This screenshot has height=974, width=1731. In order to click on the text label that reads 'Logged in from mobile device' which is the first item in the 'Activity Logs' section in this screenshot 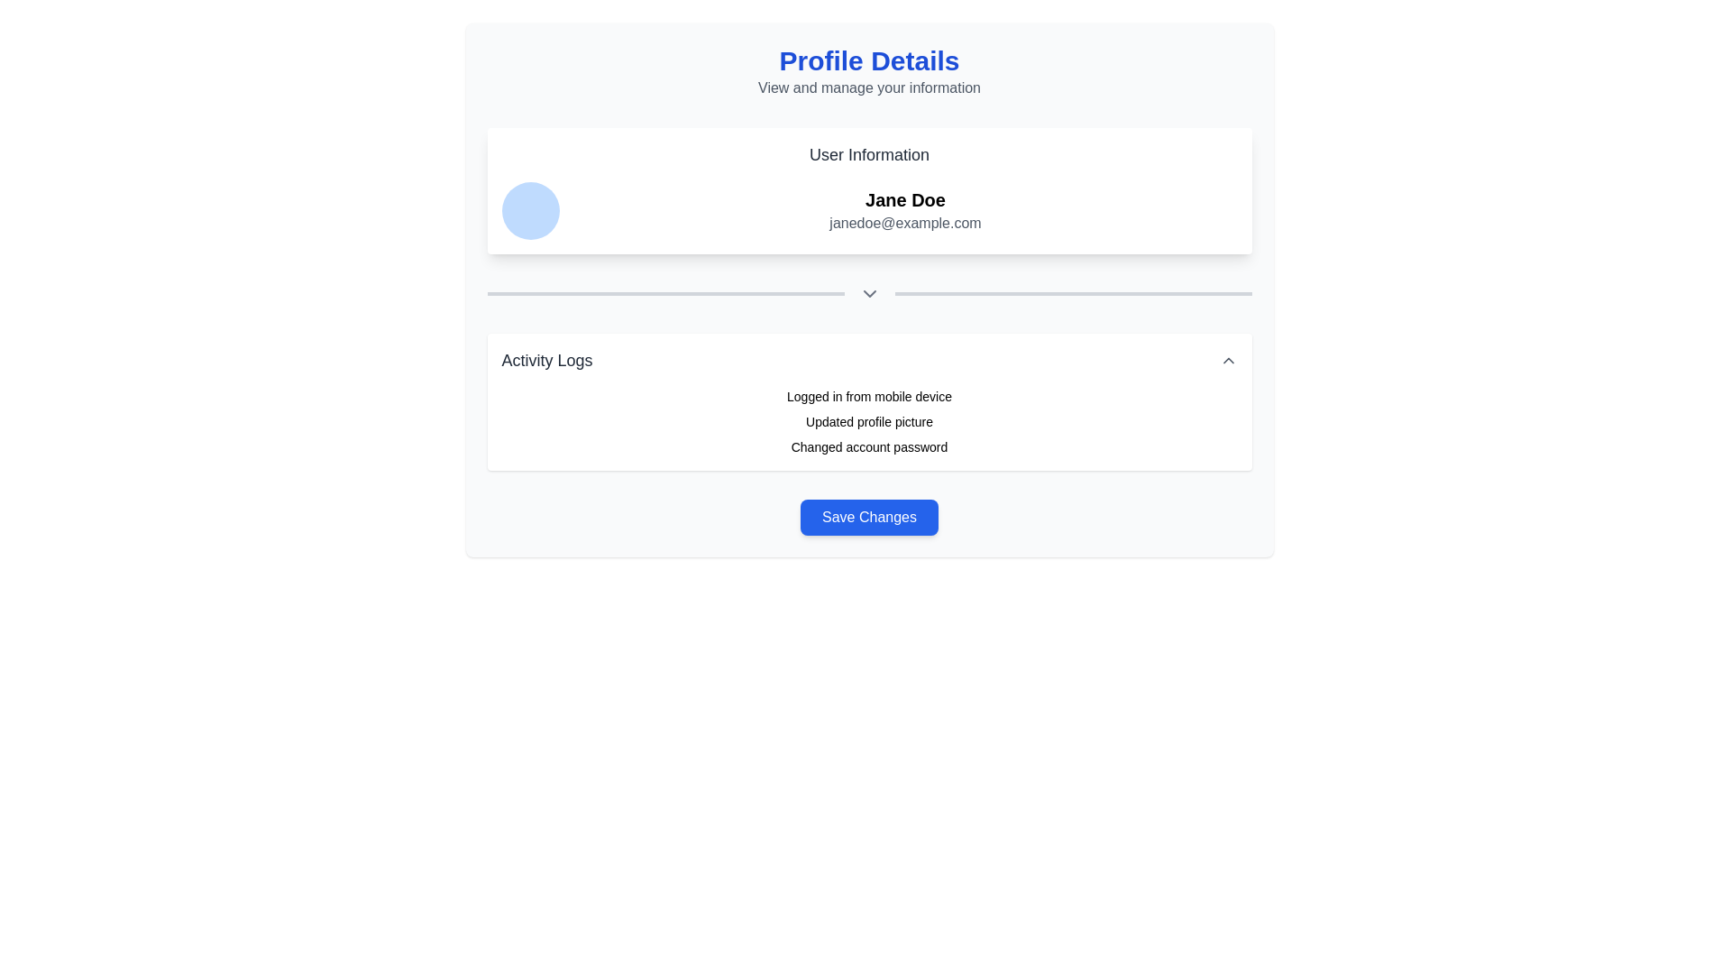, I will do `click(869, 395)`.